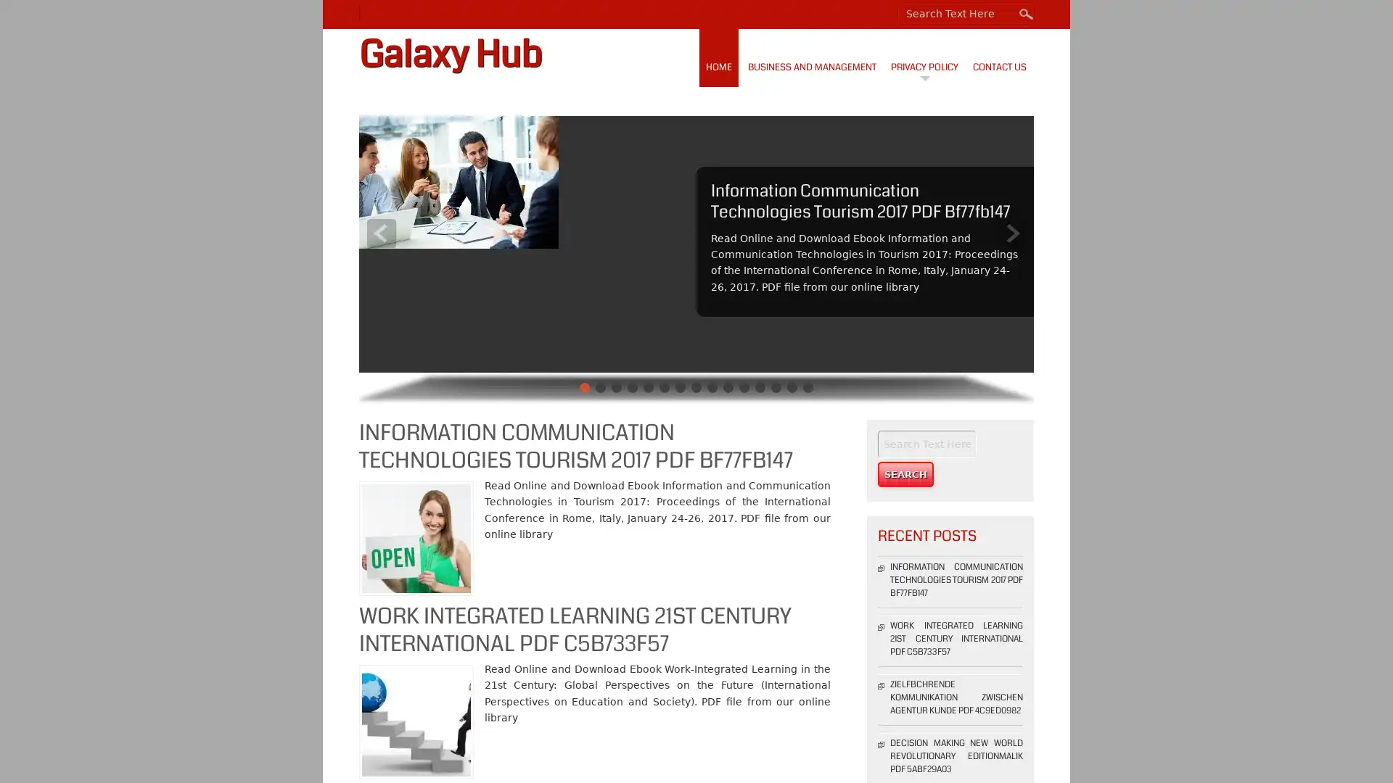  Describe the element at coordinates (905, 474) in the screenshot. I see `Search` at that location.